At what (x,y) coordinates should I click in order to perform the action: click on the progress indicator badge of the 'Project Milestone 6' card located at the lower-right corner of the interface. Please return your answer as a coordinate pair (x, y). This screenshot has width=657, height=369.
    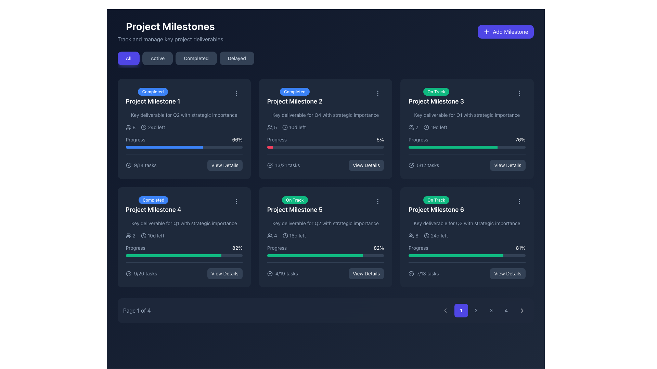
    Looking at the image, I should click on (436, 200).